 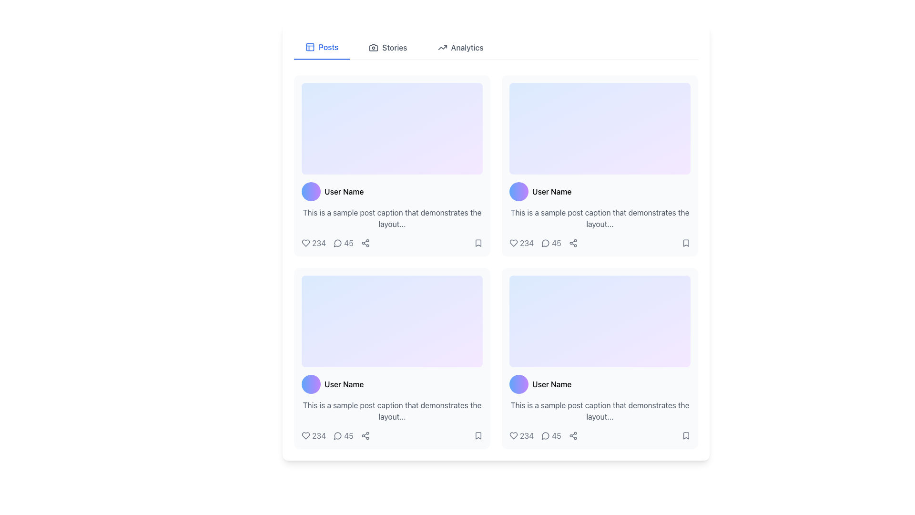 I want to click on the text label displaying the user's name to initiate a profile view, so click(x=551, y=191).